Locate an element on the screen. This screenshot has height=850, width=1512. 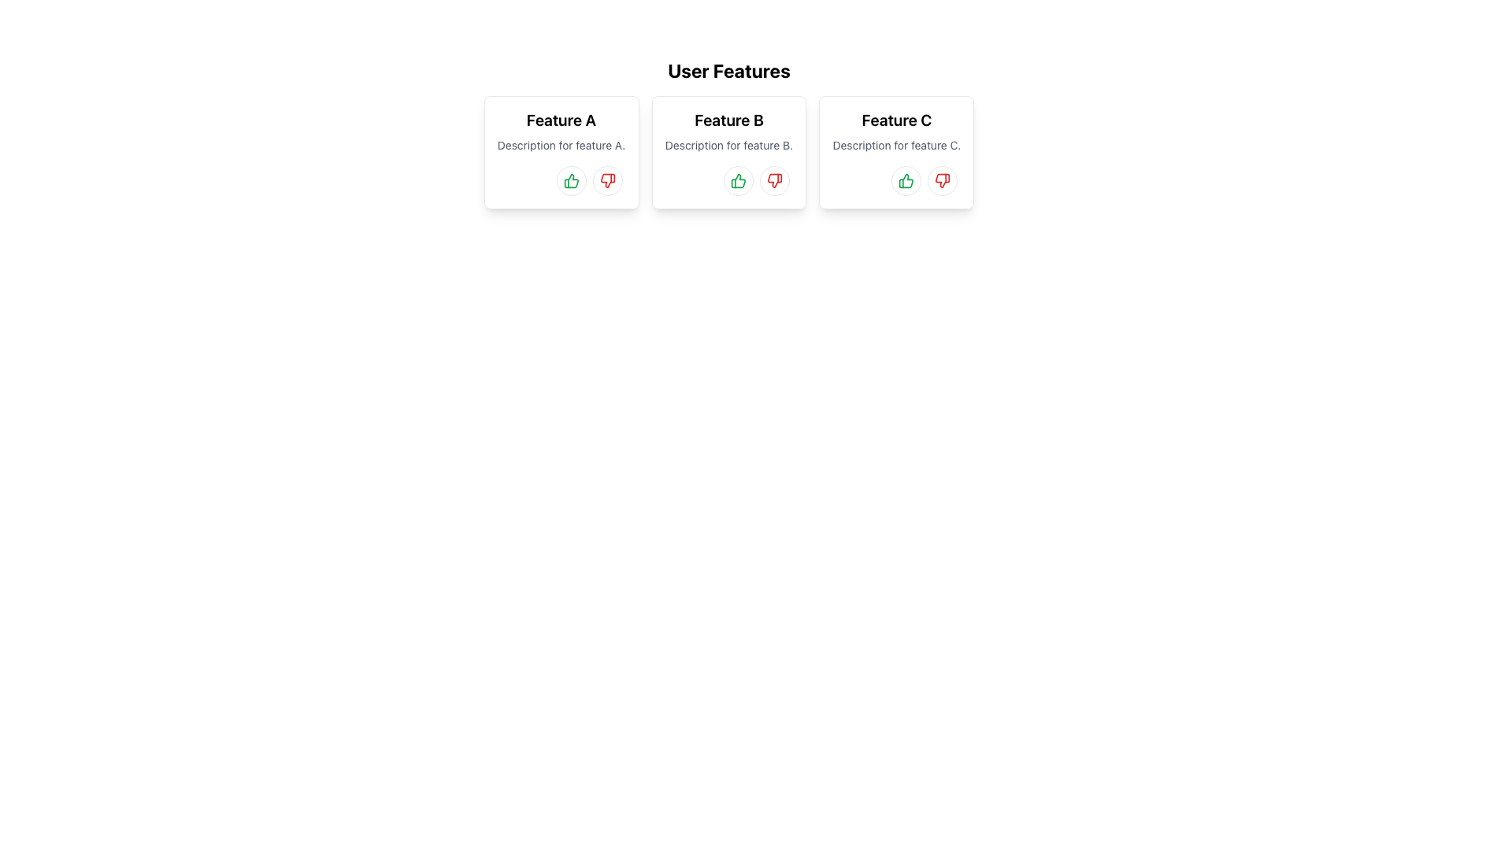
the red thumbs-down icon located beneath 'Feature C' in the third card of the featured cards is located at coordinates (943, 180).